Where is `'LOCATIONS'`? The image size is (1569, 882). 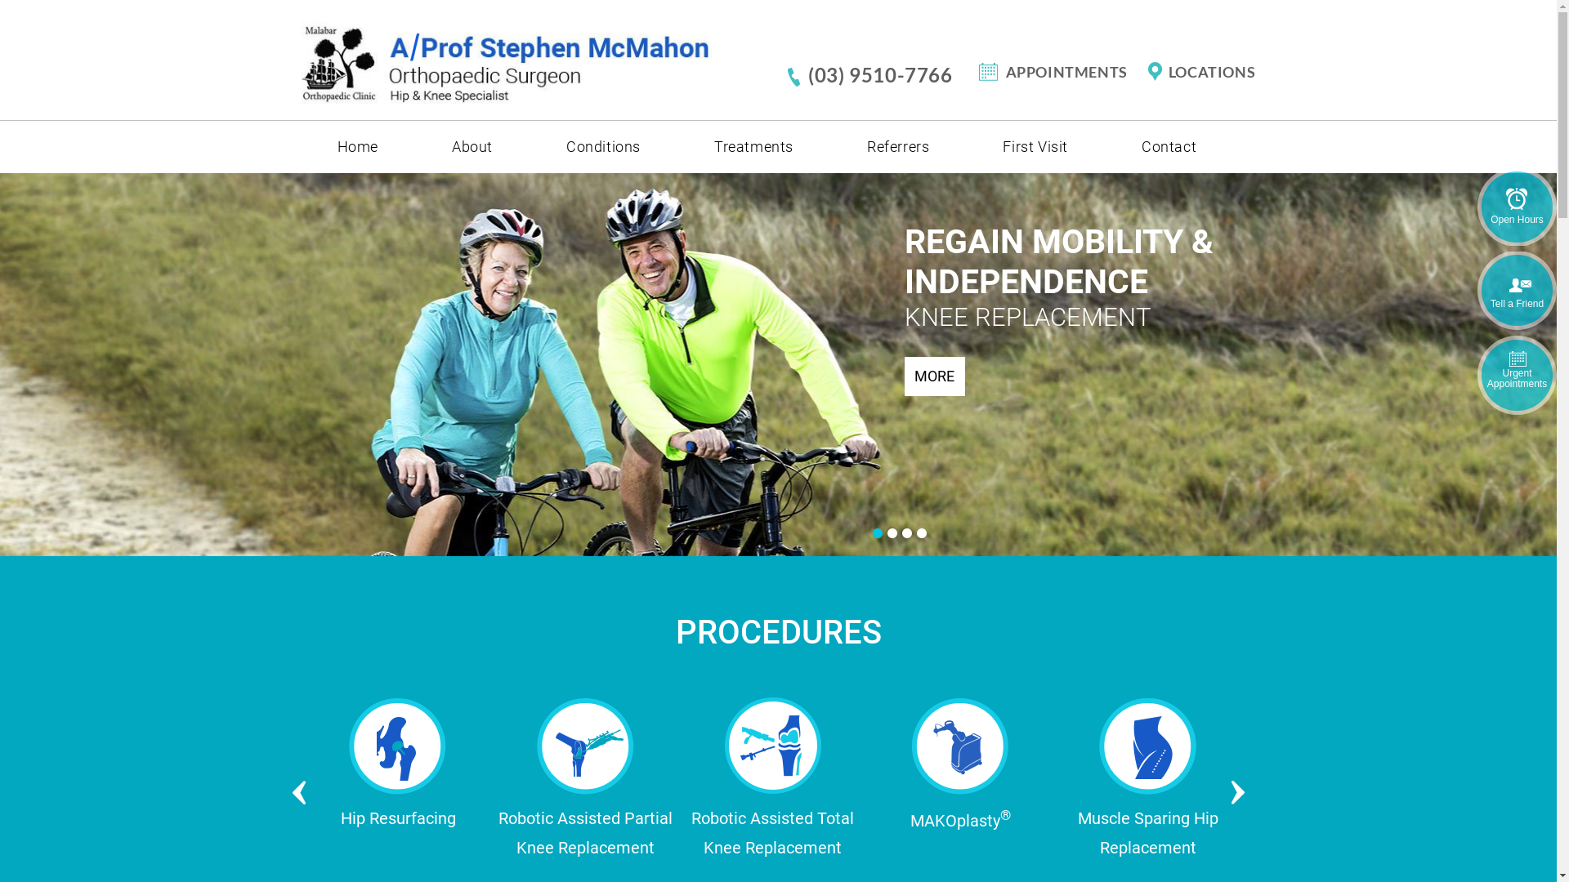
'LOCATIONS' is located at coordinates (1143, 71).